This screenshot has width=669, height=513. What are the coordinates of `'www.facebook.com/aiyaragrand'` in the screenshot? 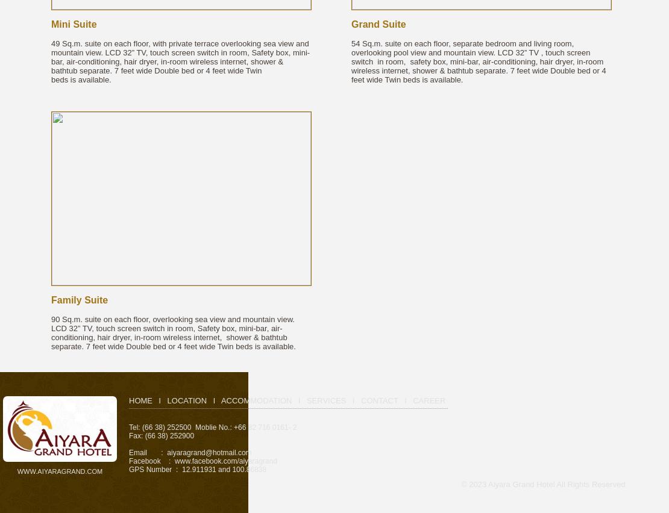 It's located at (225, 461).